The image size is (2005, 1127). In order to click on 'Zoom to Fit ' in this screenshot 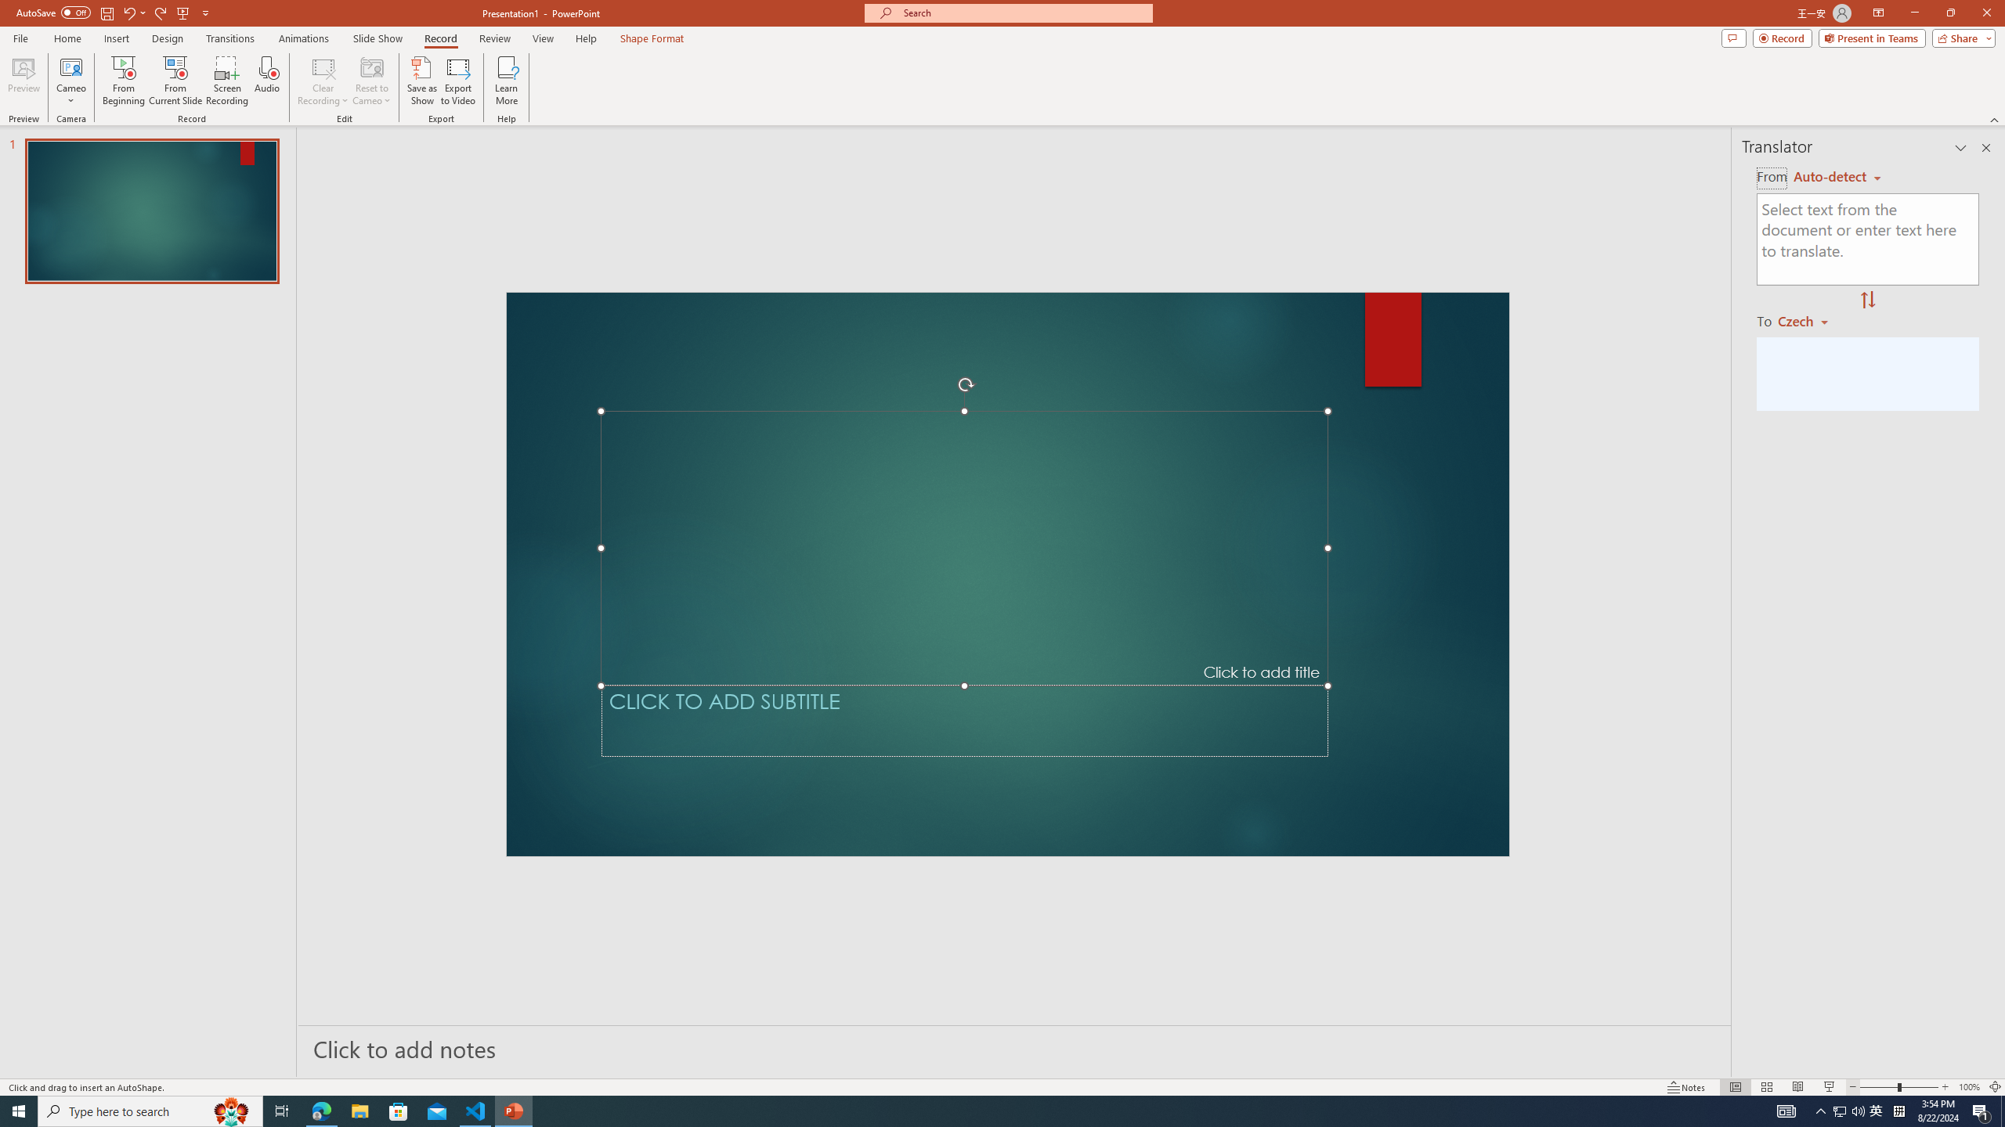, I will do `click(1995, 1087)`.